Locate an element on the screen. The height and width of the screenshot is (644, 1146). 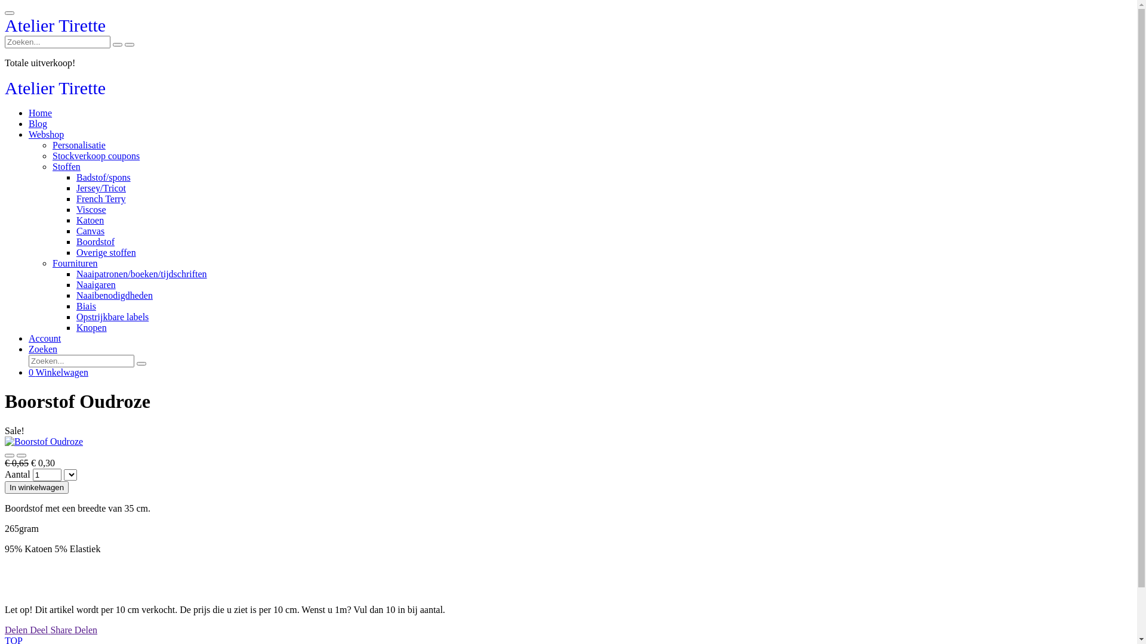
'Viscose' is located at coordinates (91, 209).